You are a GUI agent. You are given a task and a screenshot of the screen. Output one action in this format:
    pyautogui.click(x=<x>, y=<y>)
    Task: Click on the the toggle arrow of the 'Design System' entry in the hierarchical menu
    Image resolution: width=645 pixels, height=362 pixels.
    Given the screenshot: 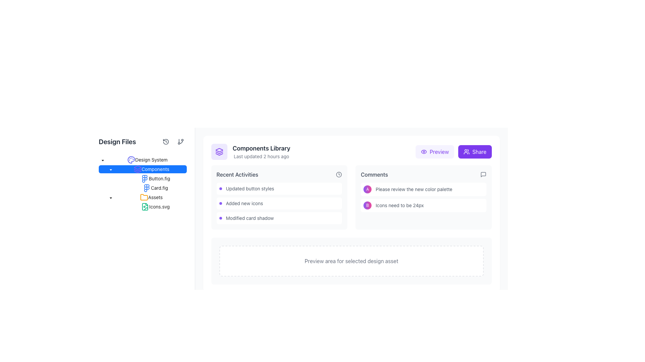 What is the action you would take?
    pyautogui.click(x=142, y=160)
    